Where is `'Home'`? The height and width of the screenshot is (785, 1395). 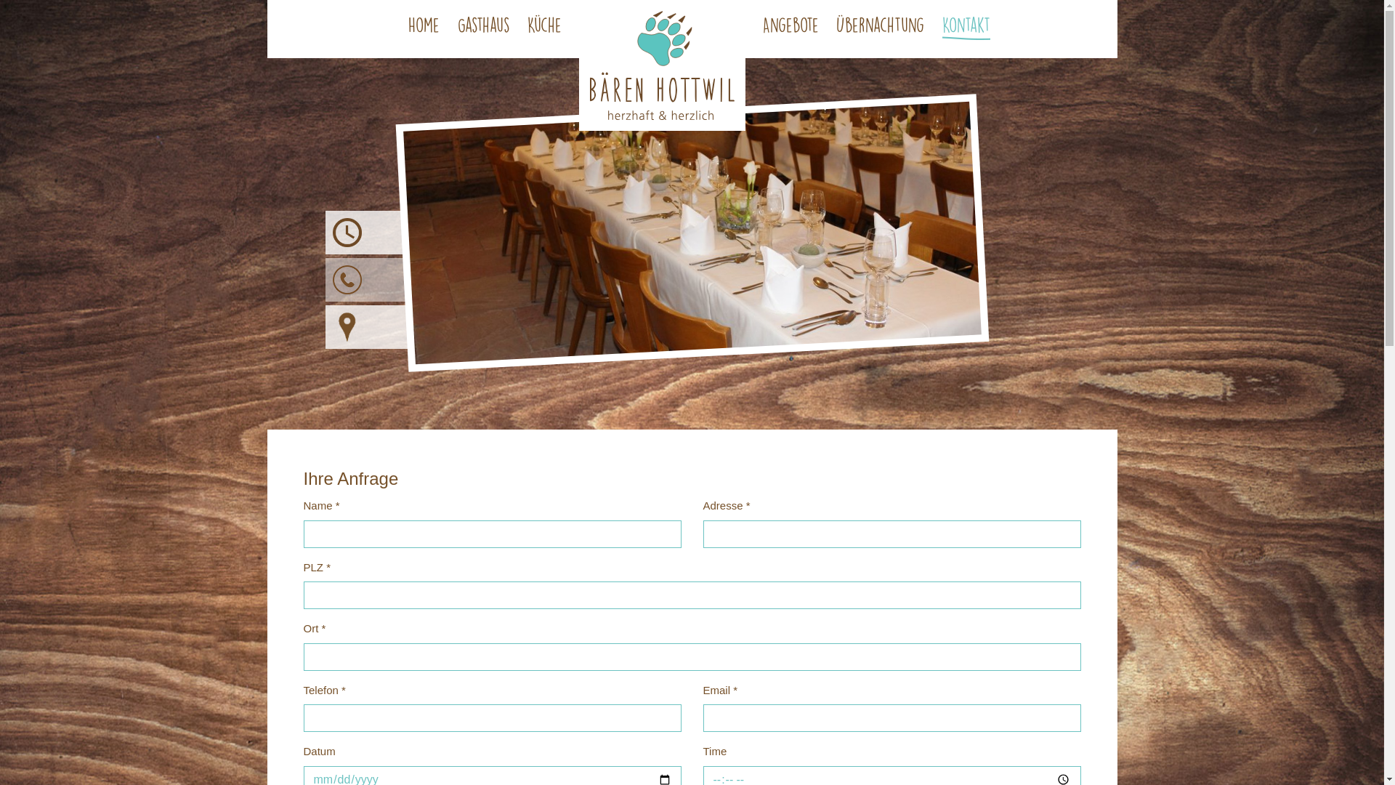 'Home' is located at coordinates (423, 28).